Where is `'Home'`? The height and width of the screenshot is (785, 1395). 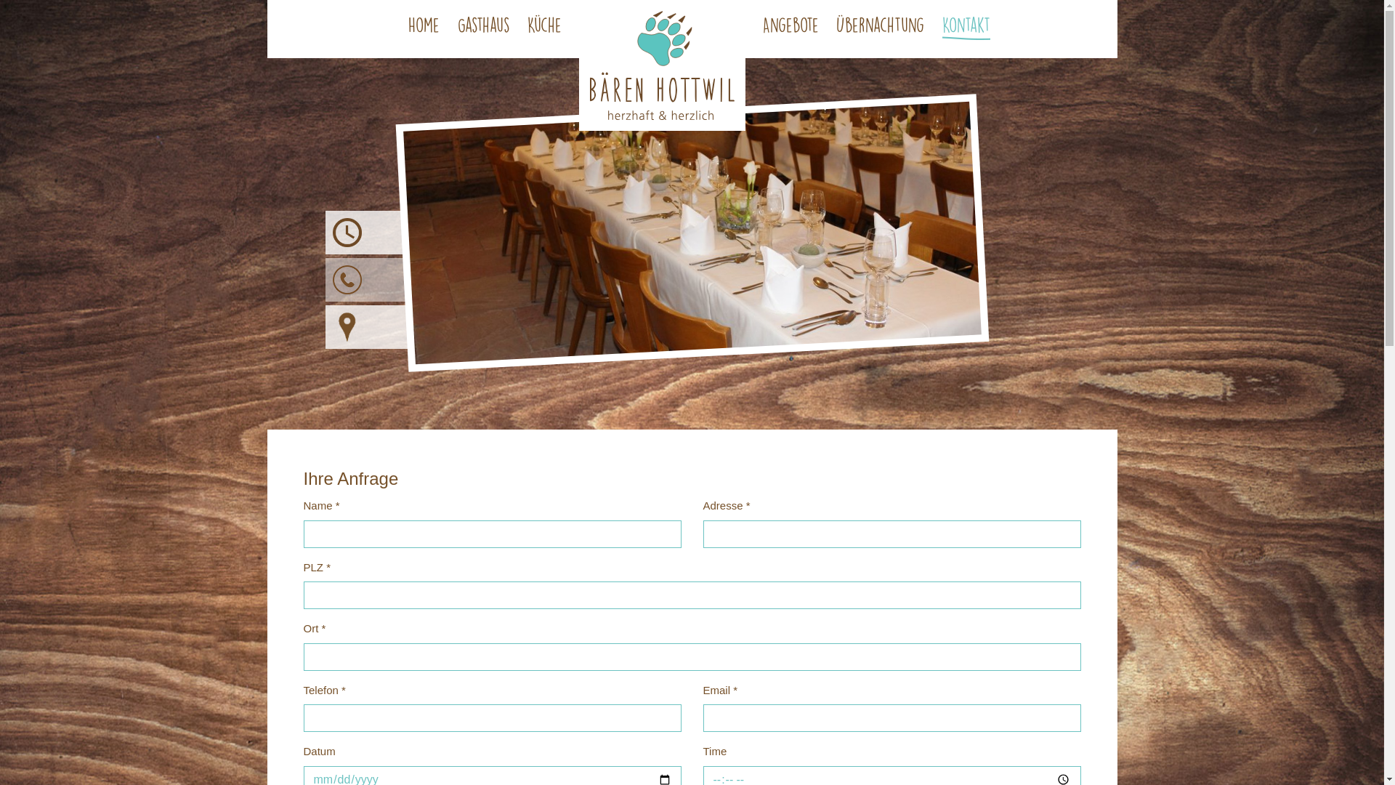 'Home' is located at coordinates (423, 28).